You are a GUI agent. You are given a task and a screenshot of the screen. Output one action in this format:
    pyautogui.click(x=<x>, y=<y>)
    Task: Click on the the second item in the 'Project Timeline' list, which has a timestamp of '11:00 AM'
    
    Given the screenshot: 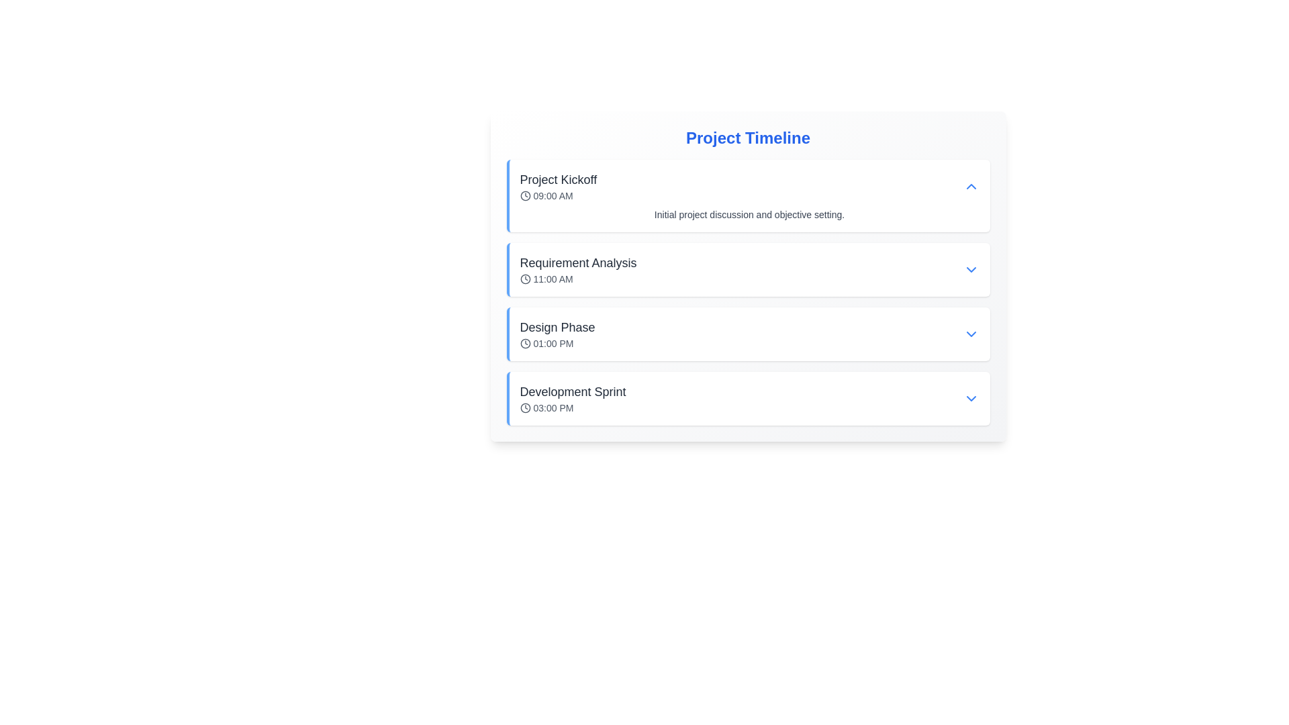 What is the action you would take?
    pyautogui.click(x=747, y=291)
    